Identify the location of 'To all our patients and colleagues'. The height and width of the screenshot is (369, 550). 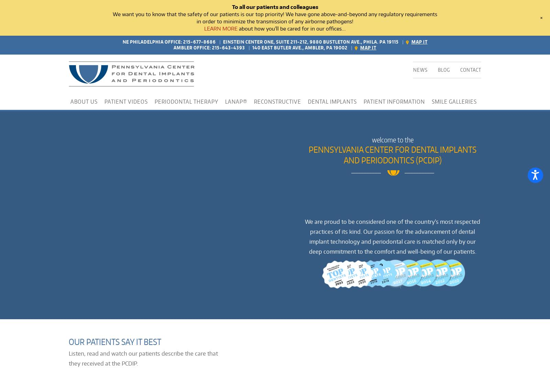
(232, 7).